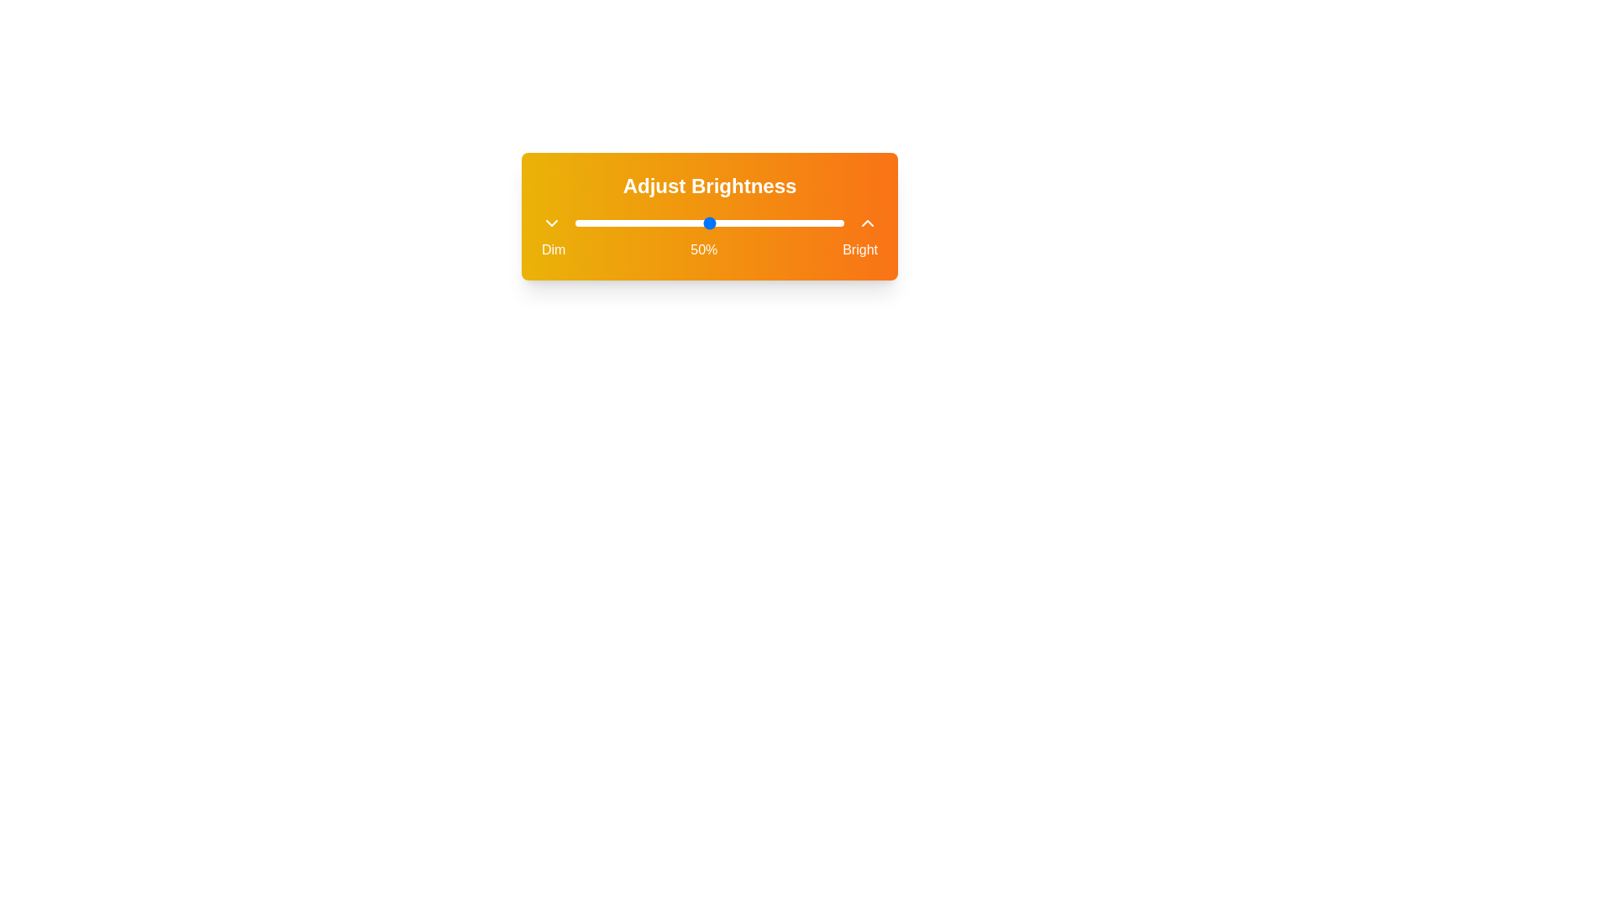 Image resolution: width=1613 pixels, height=907 pixels. What do you see at coordinates (737, 223) in the screenshot?
I see `brightness level` at bounding box center [737, 223].